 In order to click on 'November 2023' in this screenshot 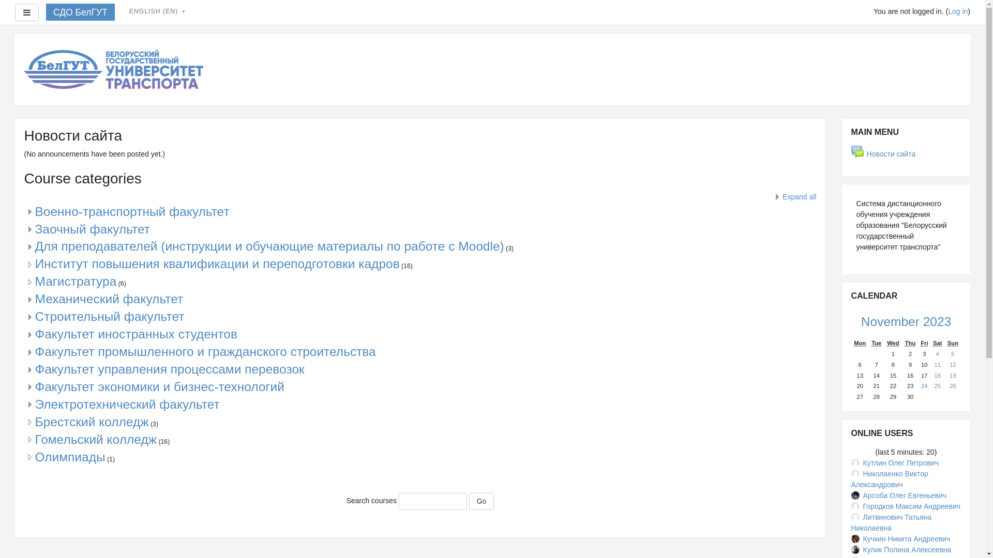, I will do `click(906, 321)`.